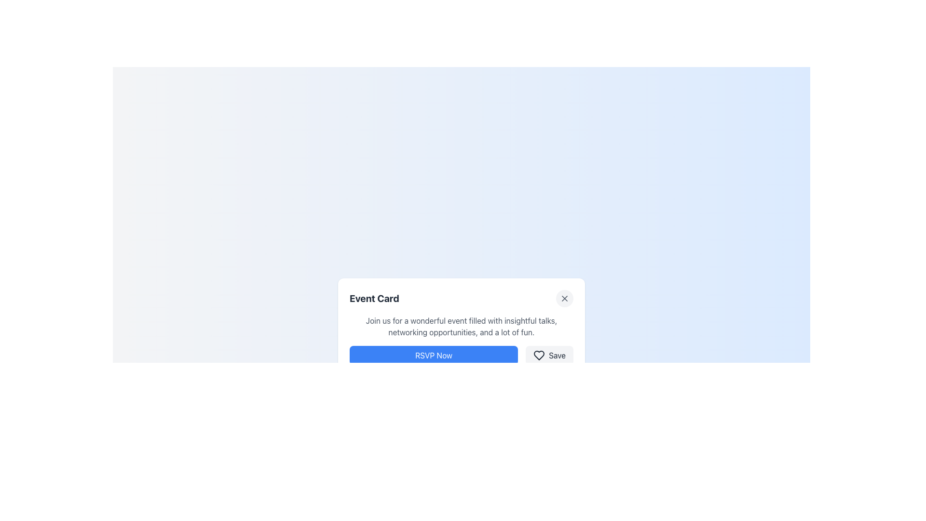  What do you see at coordinates (565, 298) in the screenshot?
I see `the cross icon located in the top-right corner of the card component` at bounding box center [565, 298].